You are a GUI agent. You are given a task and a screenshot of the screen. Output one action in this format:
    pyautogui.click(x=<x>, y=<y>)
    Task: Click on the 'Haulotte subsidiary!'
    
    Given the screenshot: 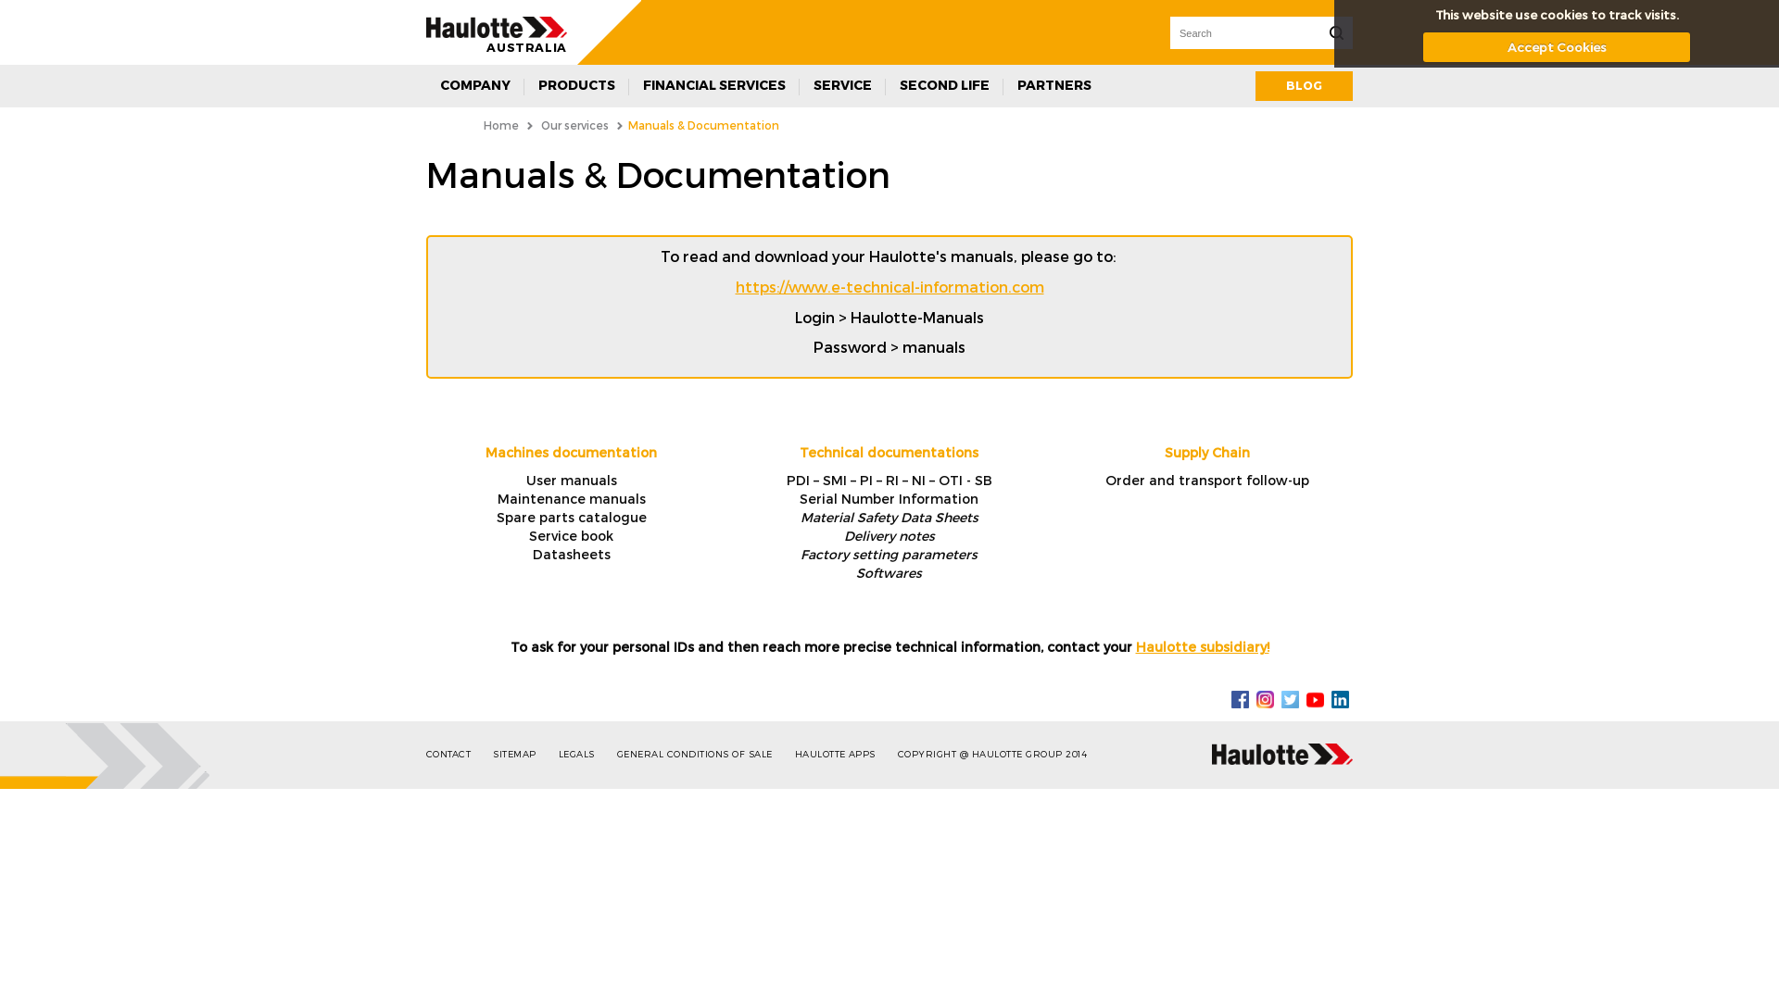 What is the action you would take?
    pyautogui.click(x=1202, y=645)
    